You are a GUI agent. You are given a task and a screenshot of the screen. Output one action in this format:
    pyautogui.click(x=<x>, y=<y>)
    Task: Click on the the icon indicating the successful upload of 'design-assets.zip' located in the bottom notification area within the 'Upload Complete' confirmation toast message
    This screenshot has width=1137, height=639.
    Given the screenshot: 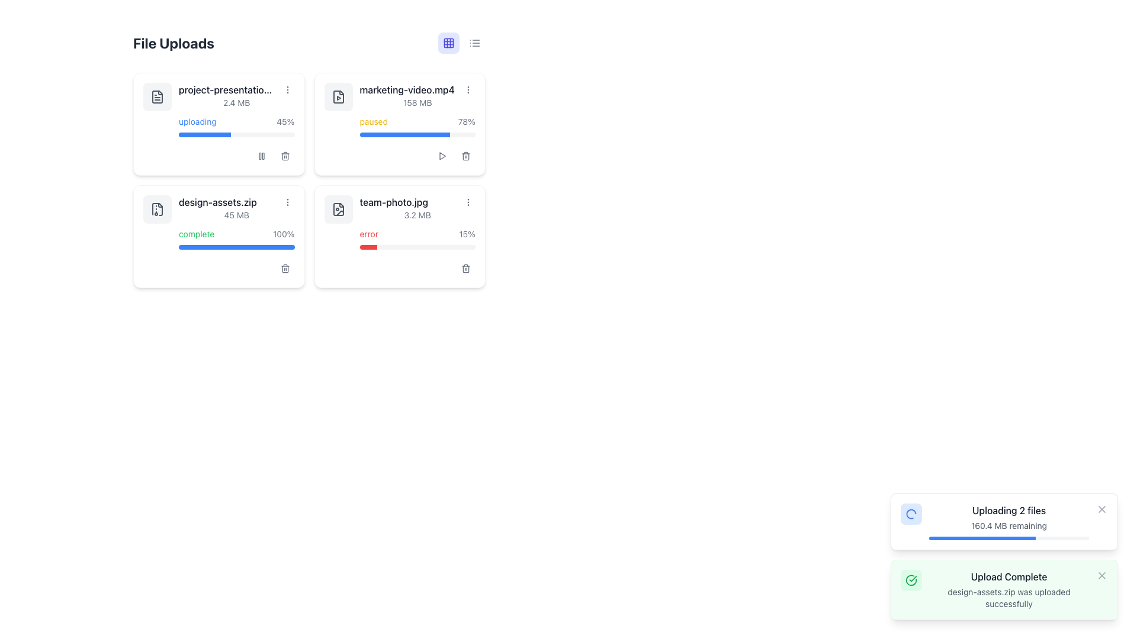 What is the action you would take?
    pyautogui.click(x=911, y=579)
    